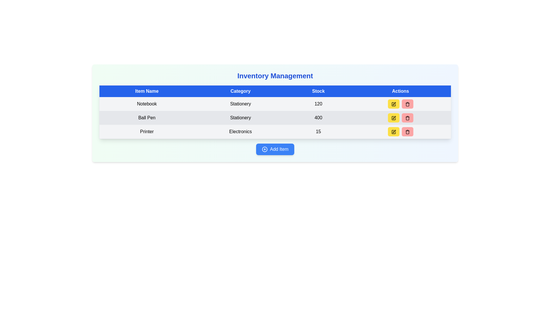  Describe the element at coordinates (240, 103) in the screenshot. I see `the table cell indicating the category of an item in the inventory listing, which is located in the second column of the first row` at that location.